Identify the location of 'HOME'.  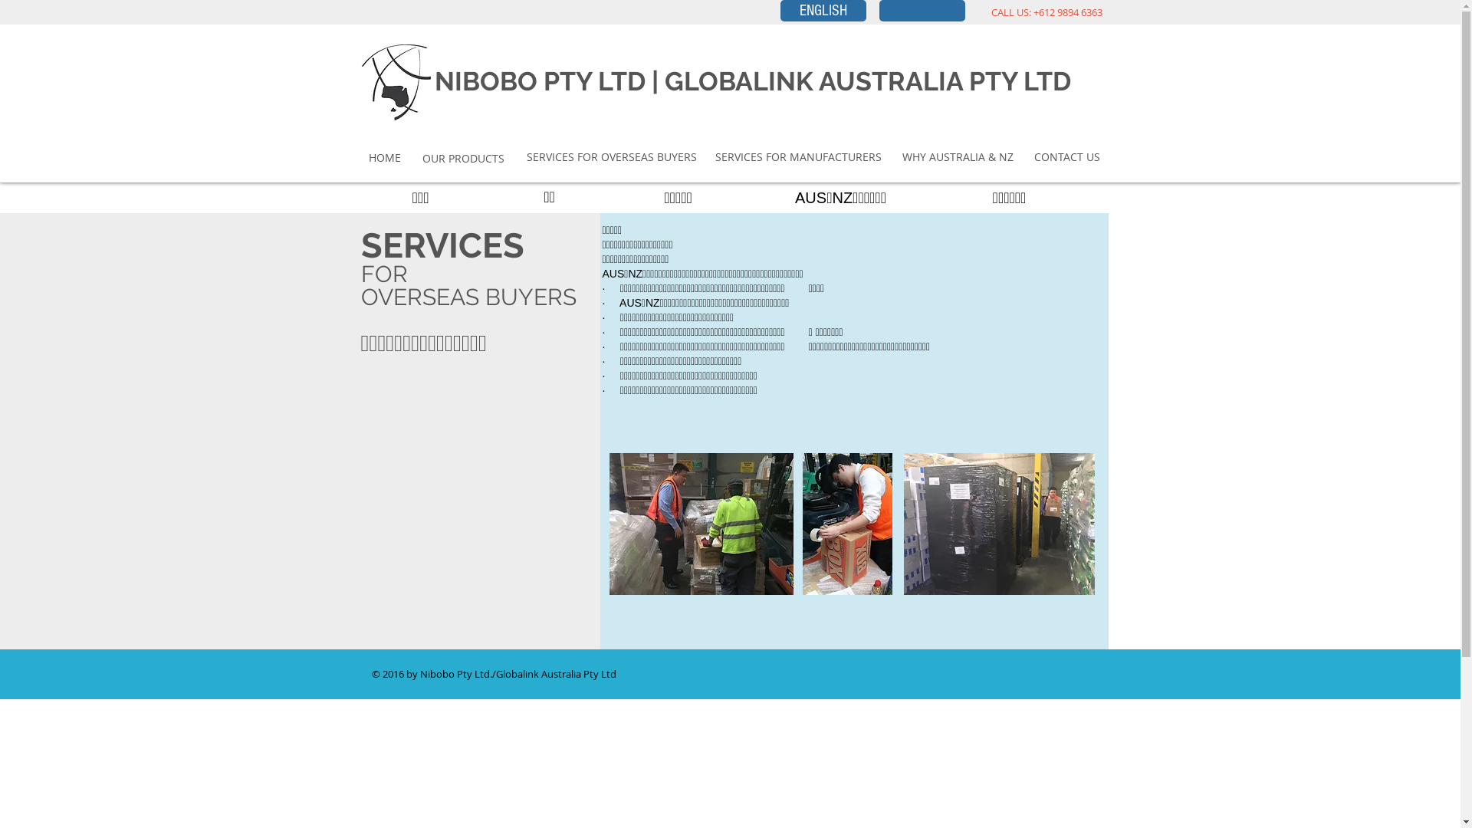
(366, 157).